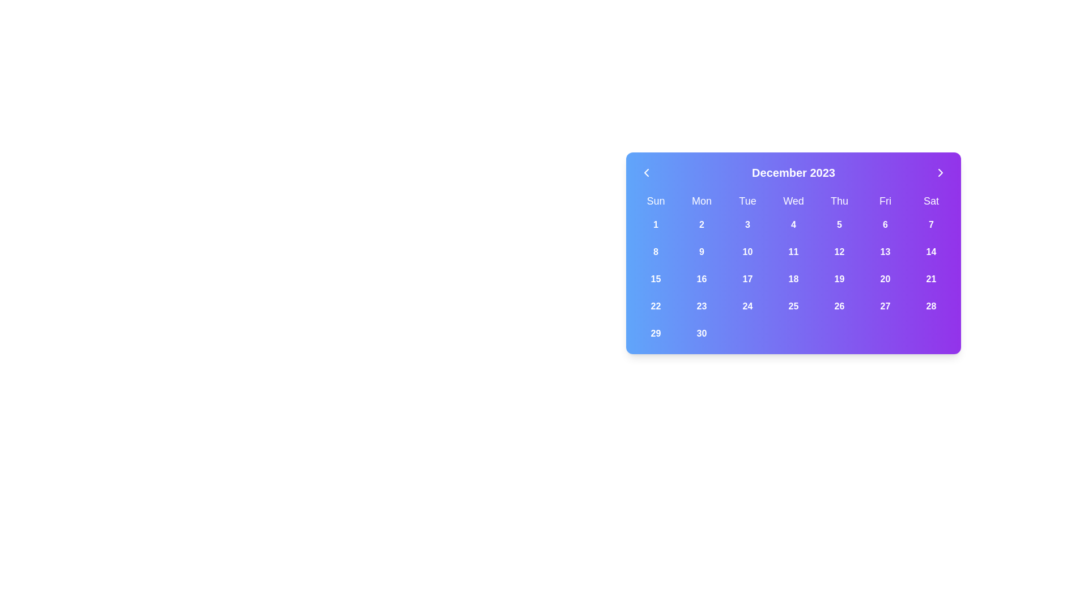  I want to click on the left-pointing chevron button in the calendar navigation interface, so click(647, 172).